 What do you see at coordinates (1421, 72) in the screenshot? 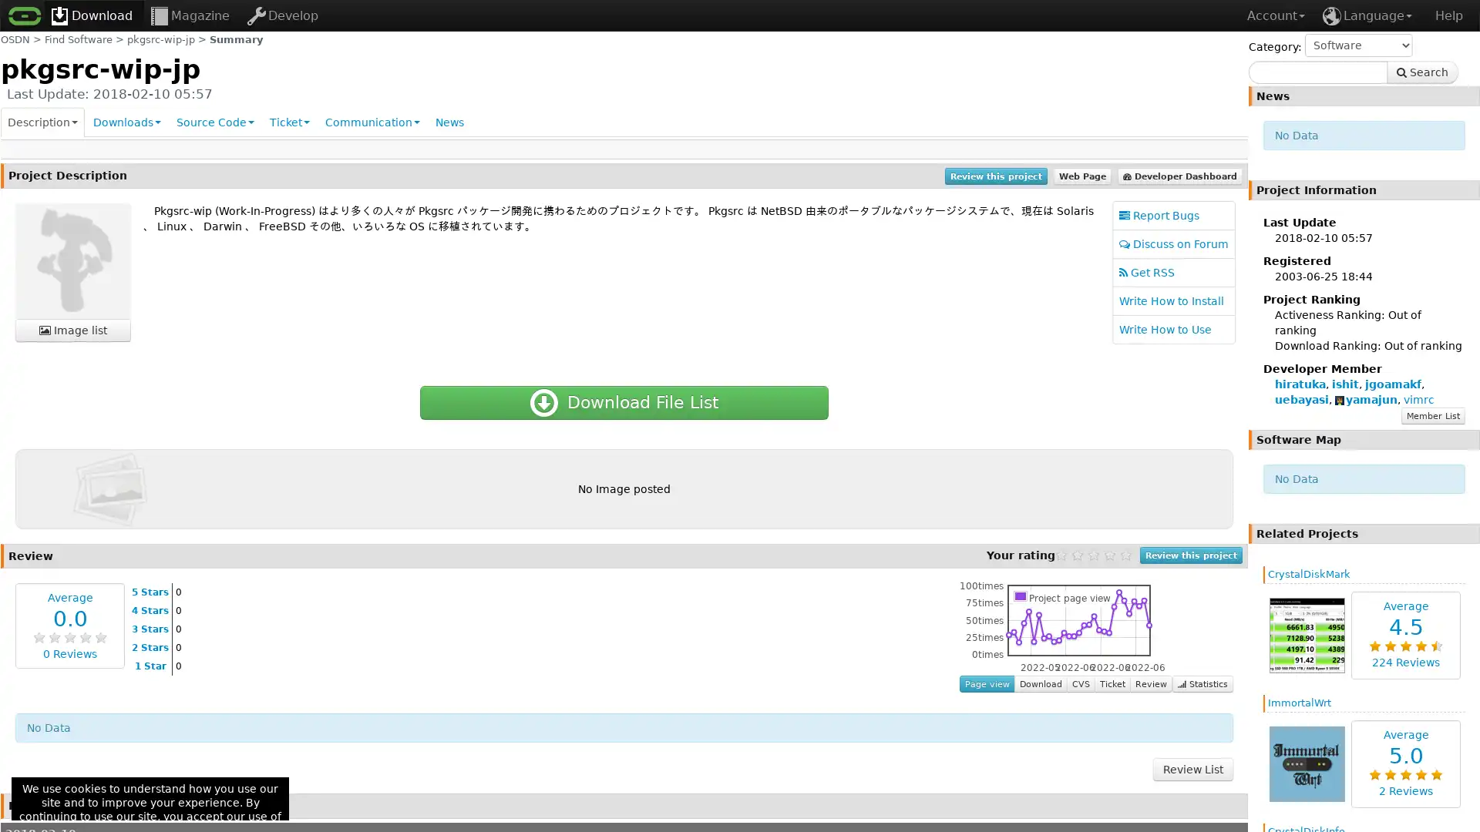
I see `Search` at bounding box center [1421, 72].